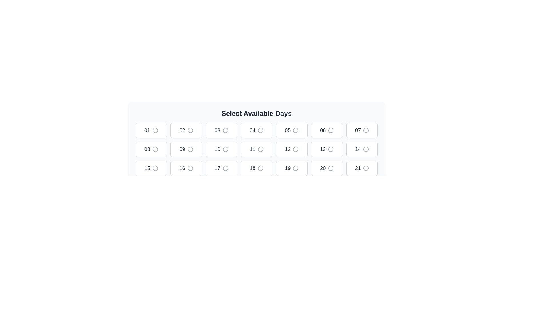  What do you see at coordinates (190, 168) in the screenshot?
I see `the circular marker for the date 16 in the interactive calendar interface` at bounding box center [190, 168].